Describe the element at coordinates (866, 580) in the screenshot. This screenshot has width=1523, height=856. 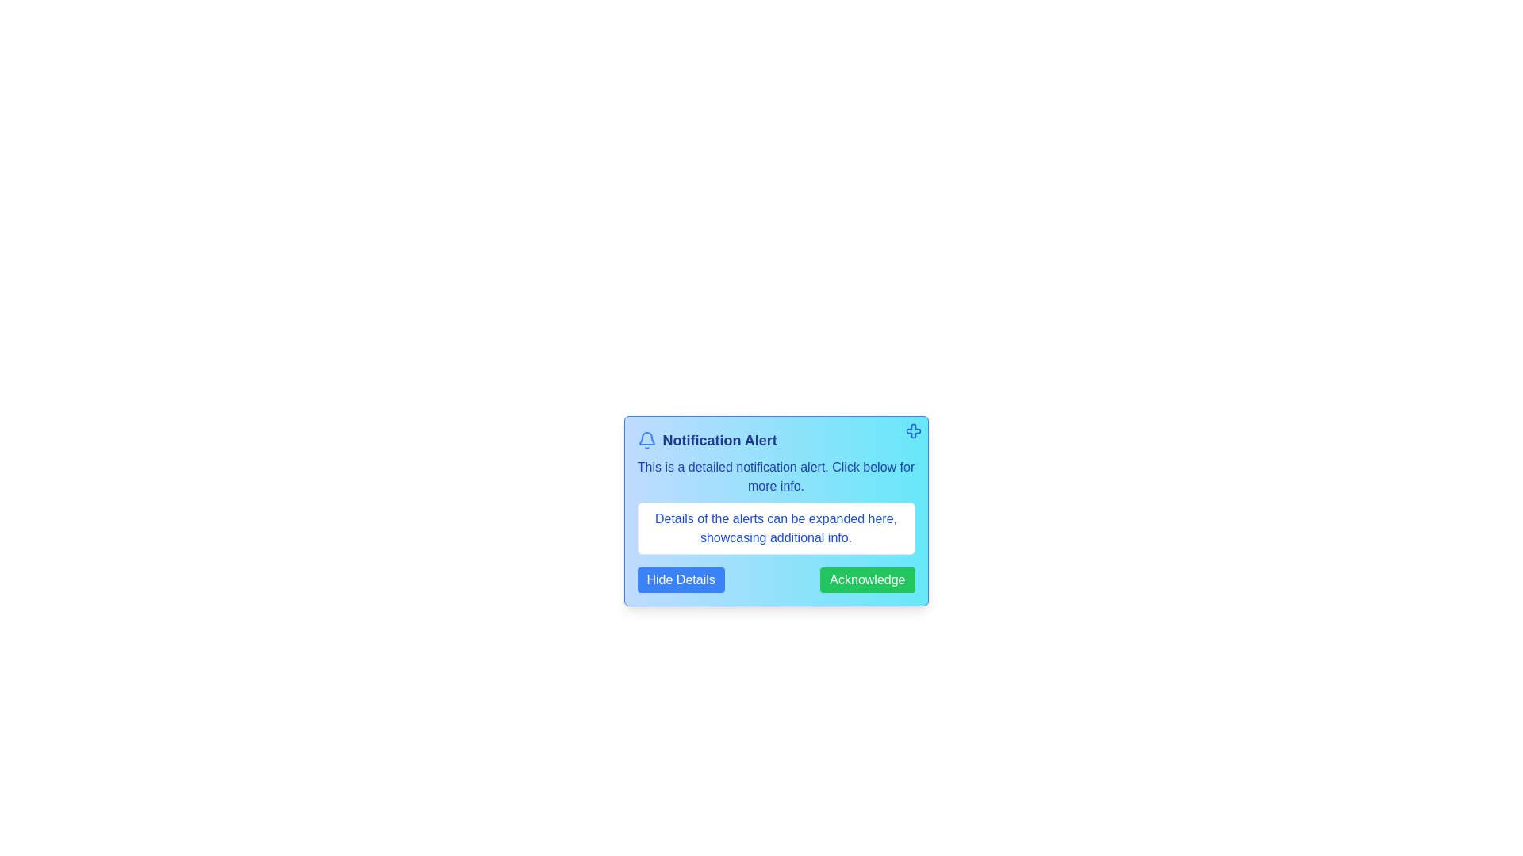
I see `the 'Acknowledge' button to acknowledge the notification` at that location.